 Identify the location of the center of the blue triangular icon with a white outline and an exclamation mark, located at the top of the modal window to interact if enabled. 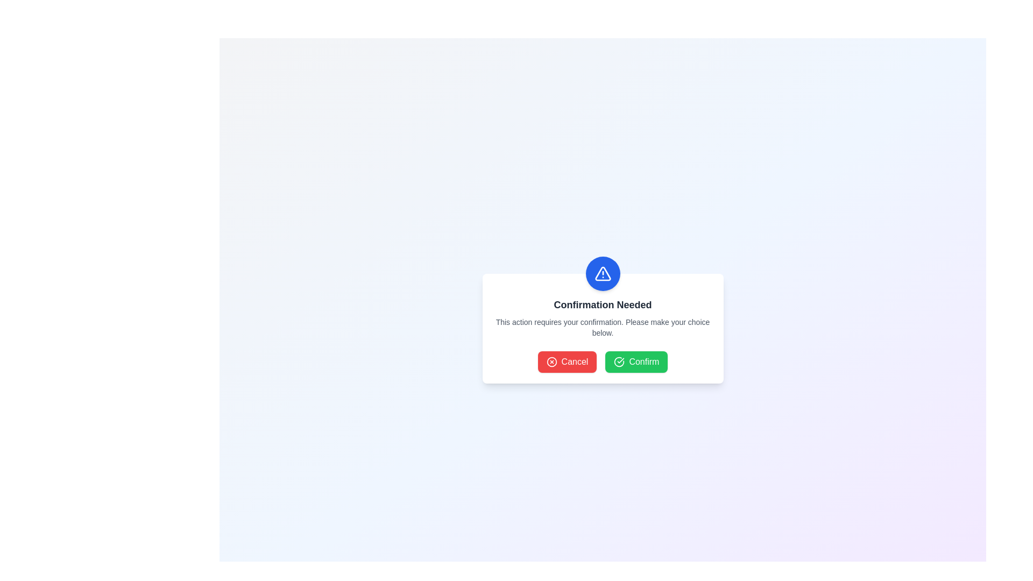
(603, 273).